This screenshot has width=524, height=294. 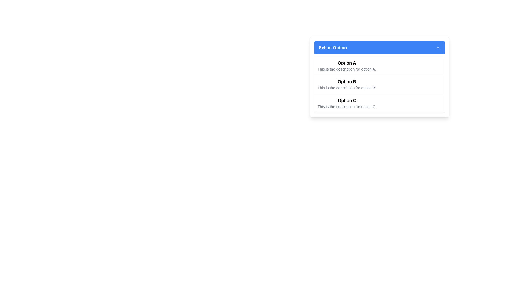 I want to click on supplementary information text located below the bold text 'Option C', which provides details about this option, so click(x=347, y=107).